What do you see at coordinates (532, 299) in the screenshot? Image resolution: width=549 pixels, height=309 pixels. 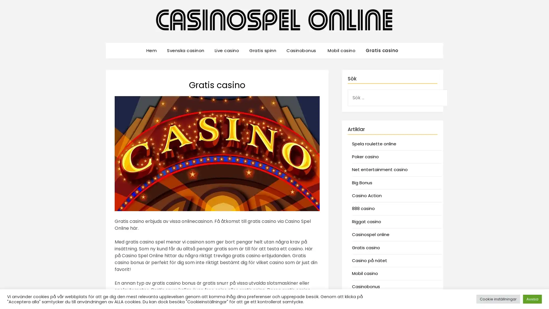 I see `Avvisa` at bounding box center [532, 299].